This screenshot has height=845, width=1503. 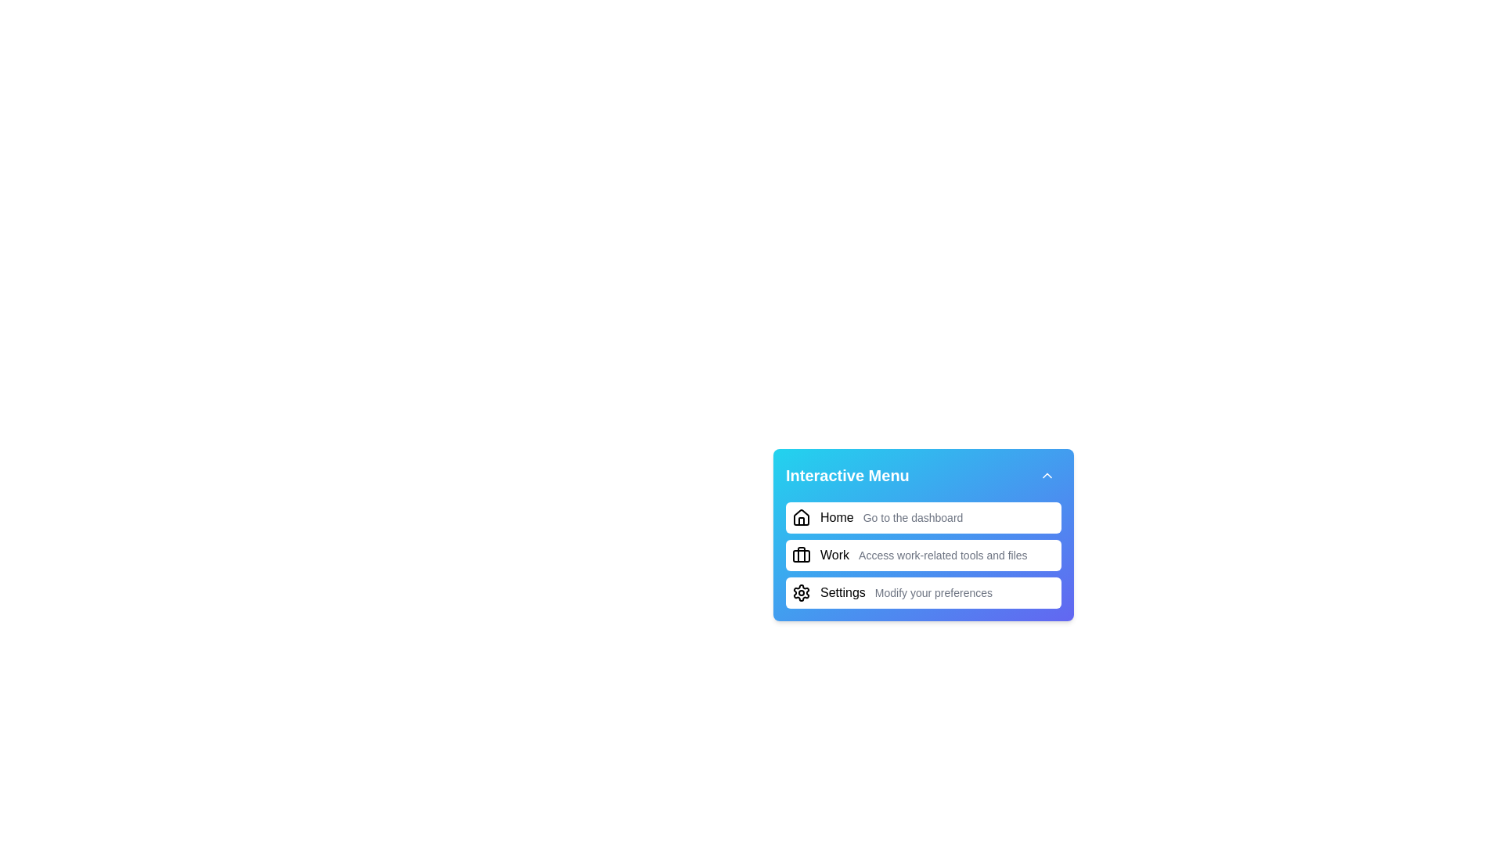 What do you see at coordinates (942, 554) in the screenshot?
I see `the text label providing context for the 'Work' menu item, which is adjacent to the heading text 'Work' and aligned with a briefcase icon` at bounding box center [942, 554].